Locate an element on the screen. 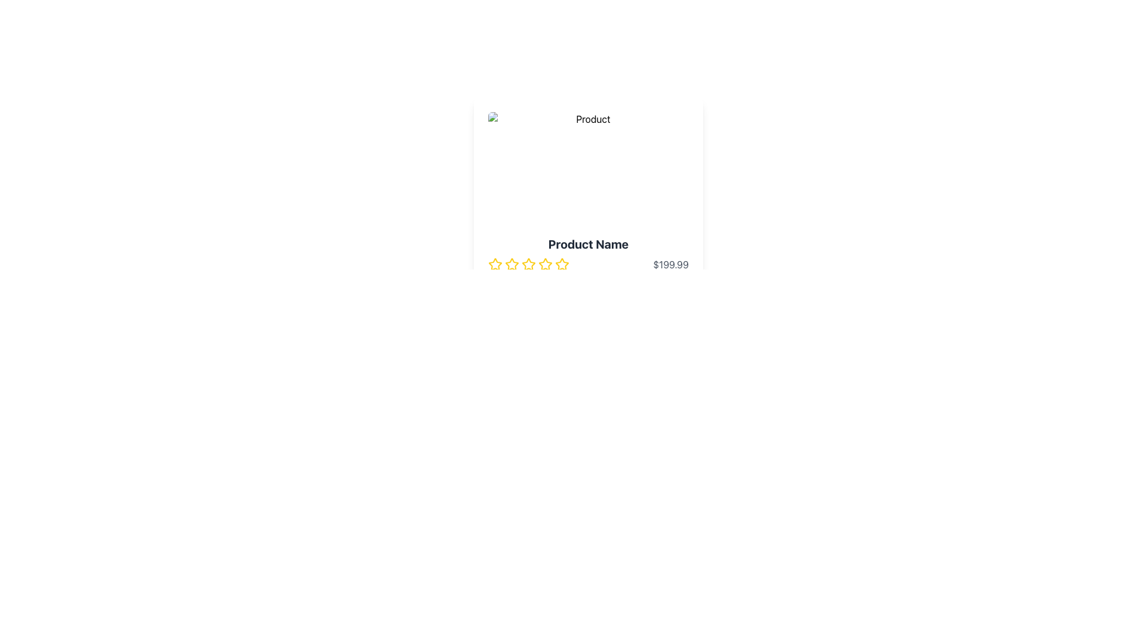  the leftmost Rating Star Icon under the text 'Product Name' to provide a rating of one star is located at coordinates (512, 264).